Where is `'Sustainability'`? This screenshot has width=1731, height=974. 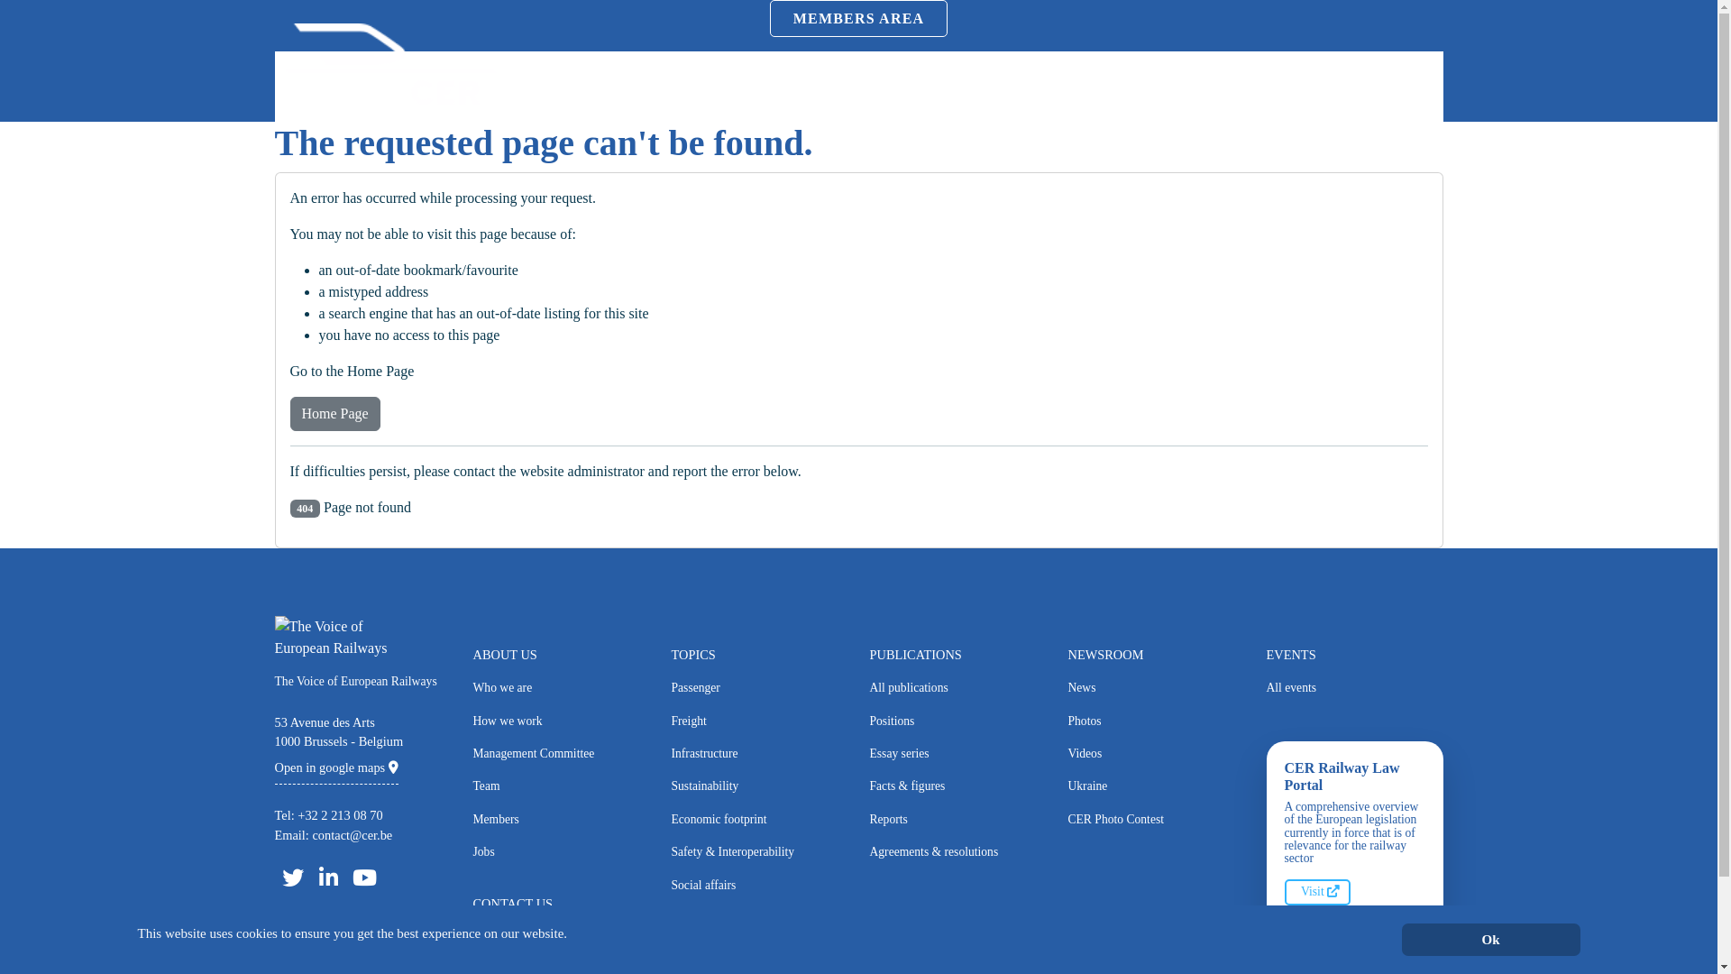 'Sustainability' is located at coordinates (758, 785).